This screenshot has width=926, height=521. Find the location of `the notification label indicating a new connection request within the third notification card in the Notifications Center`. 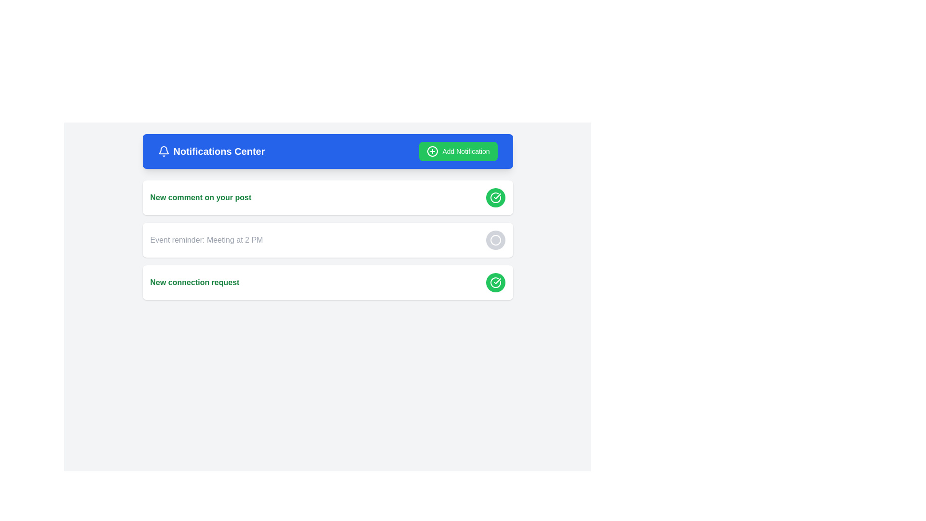

the notification label indicating a new connection request within the third notification card in the Notifications Center is located at coordinates (194, 282).